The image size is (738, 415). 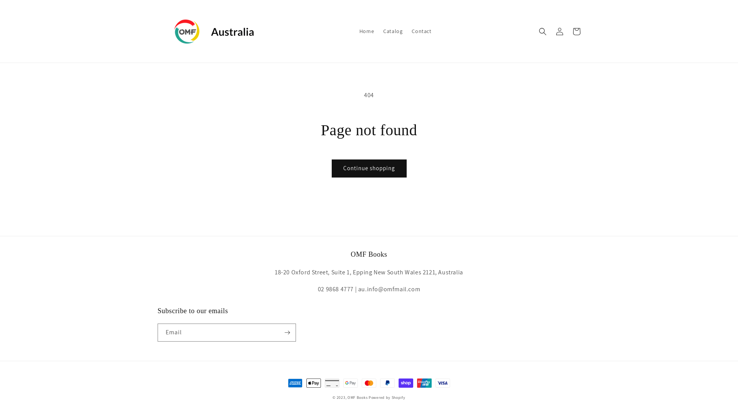 What do you see at coordinates (347, 397) in the screenshot?
I see `'OMF Books'` at bounding box center [347, 397].